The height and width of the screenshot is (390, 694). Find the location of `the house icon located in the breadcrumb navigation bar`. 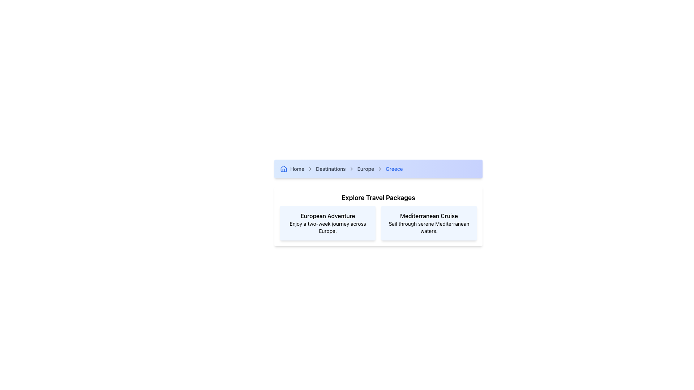

the house icon located in the breadcrumb navigation bar is located at coordinates (283, 168).